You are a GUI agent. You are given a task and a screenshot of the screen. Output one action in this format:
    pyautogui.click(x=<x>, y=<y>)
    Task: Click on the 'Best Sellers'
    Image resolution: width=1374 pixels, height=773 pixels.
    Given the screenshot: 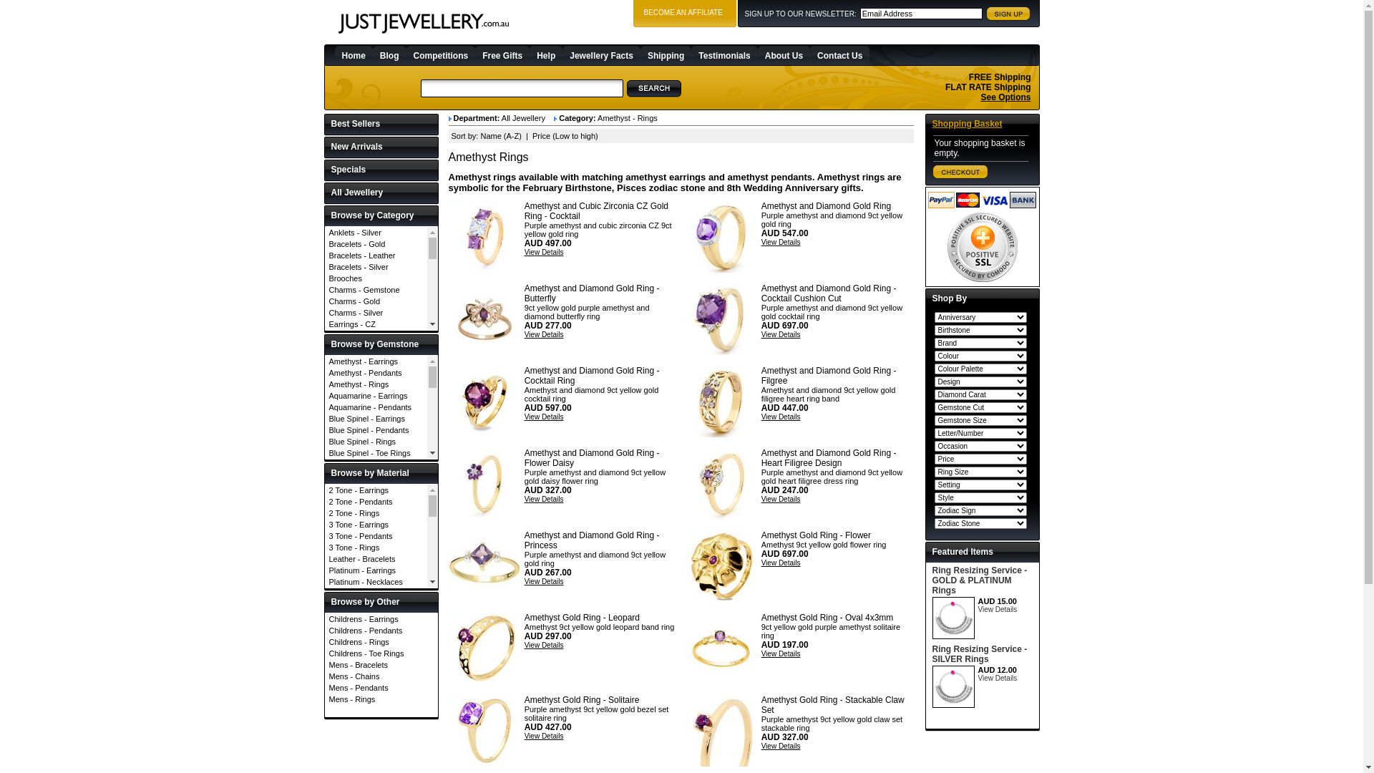 What is the action you would take?
    pyautogui.click(x=381, y=124)
    